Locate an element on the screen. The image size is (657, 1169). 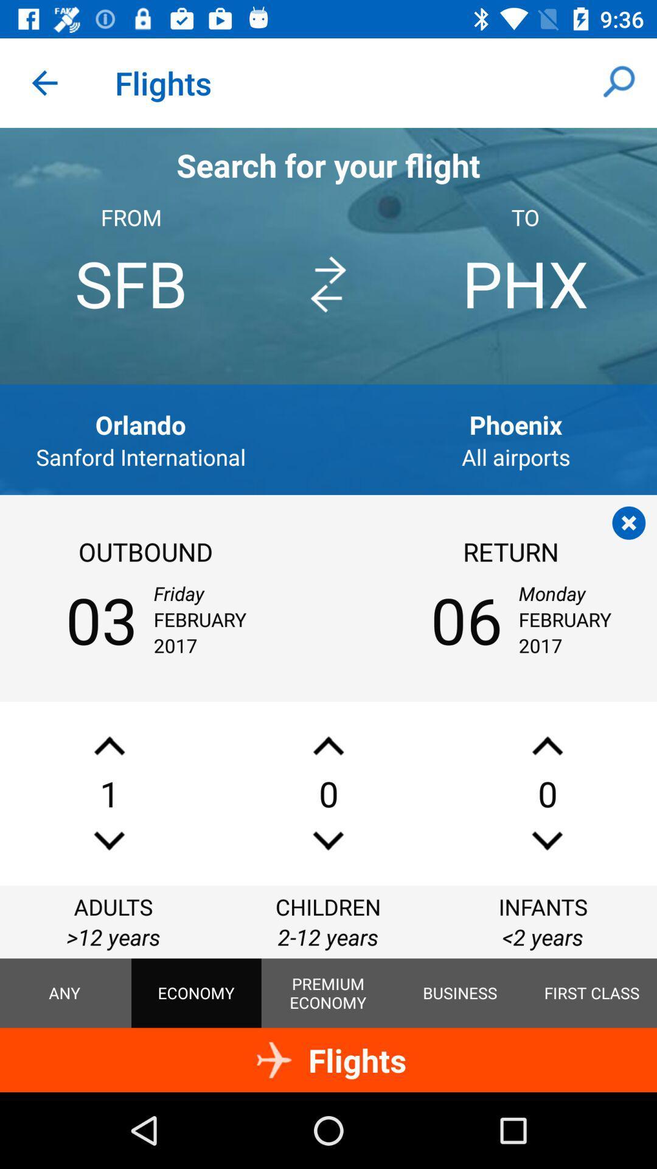
exit is located at coordinates (628, 523).